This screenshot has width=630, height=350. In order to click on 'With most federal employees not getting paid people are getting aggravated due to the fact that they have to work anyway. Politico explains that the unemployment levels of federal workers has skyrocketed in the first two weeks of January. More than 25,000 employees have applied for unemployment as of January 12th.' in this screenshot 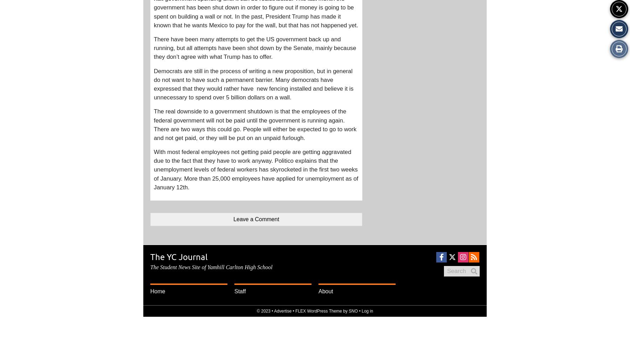, I will do `click(255, 169)`.